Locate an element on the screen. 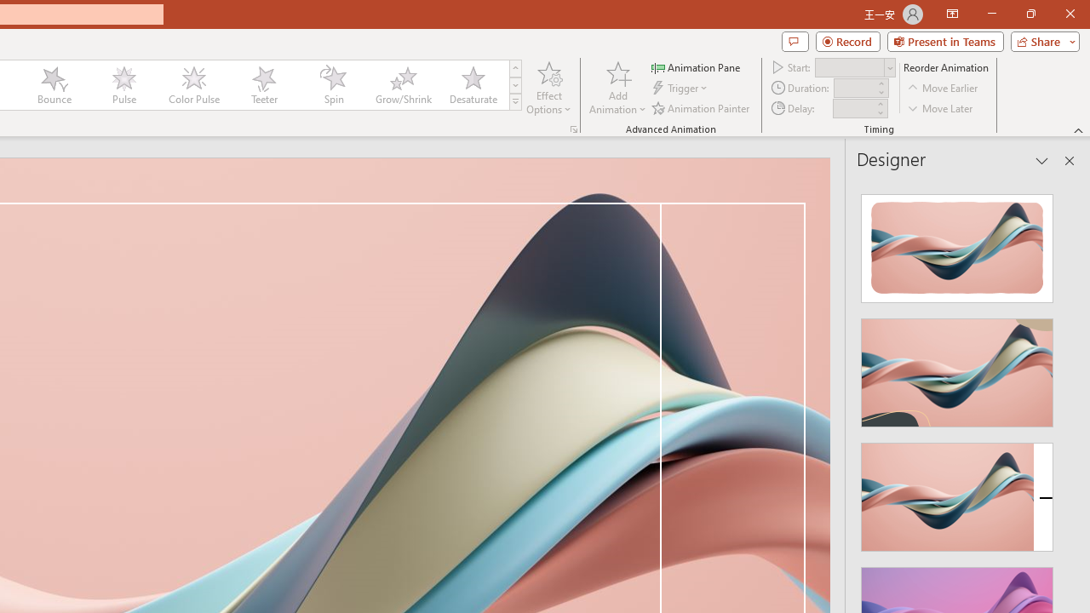 The height and width of the screenshot is (613, 1090). 'Effect Options' is located at coordinates (549, 88).